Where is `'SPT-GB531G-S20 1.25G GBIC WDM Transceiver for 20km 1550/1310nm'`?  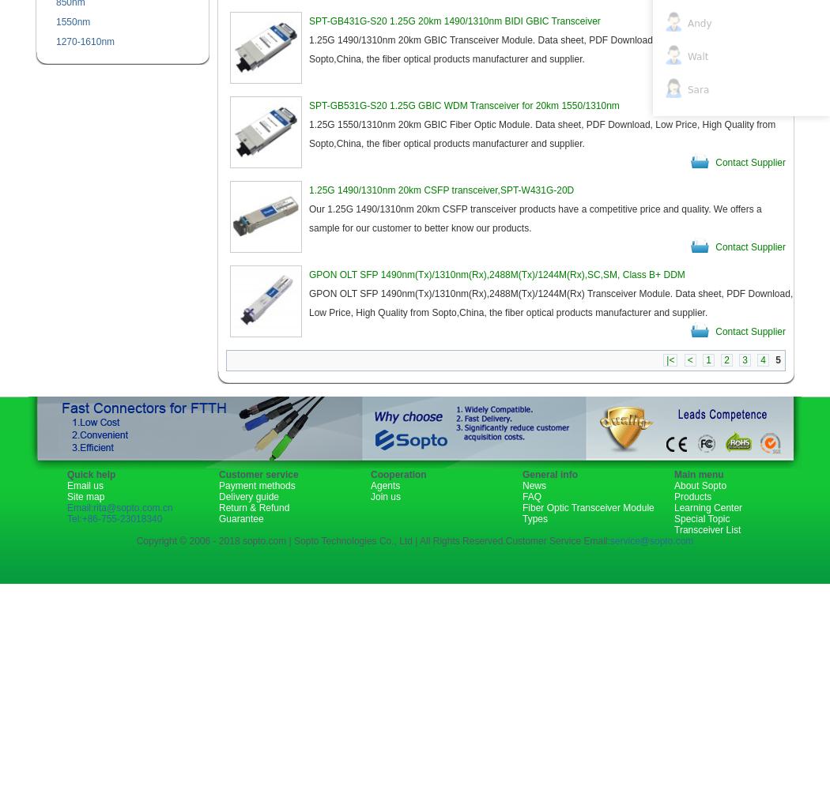
'SPT-GB531G-S20 1.25G GBIC WDM Transceiver for 20km 1550/1310nm' is located at coordinates (309, 106).